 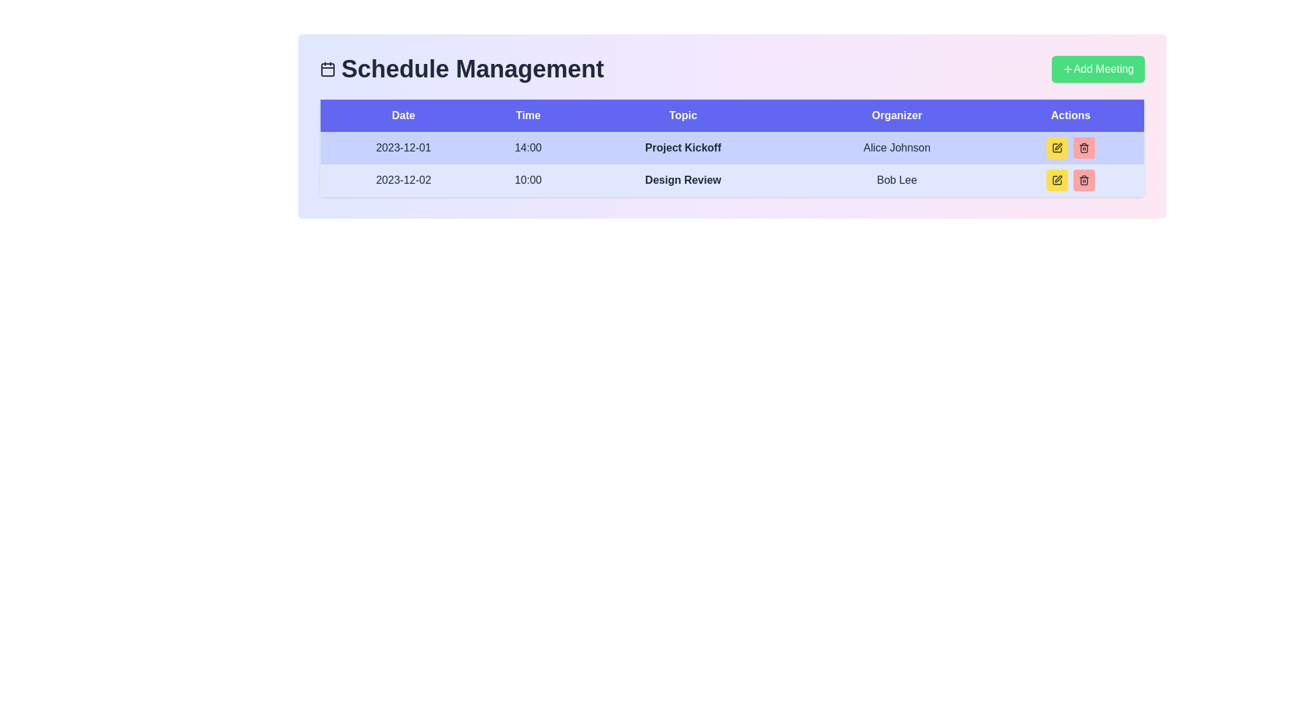 What do you see at coordinates (527, 114) in the screenshot?
I see `text from the 'Time' header label, which is a bold, white-colored text on a blue background, positioned between the 'Date' and 'Topic' headers` at bounding box center [527, 114].